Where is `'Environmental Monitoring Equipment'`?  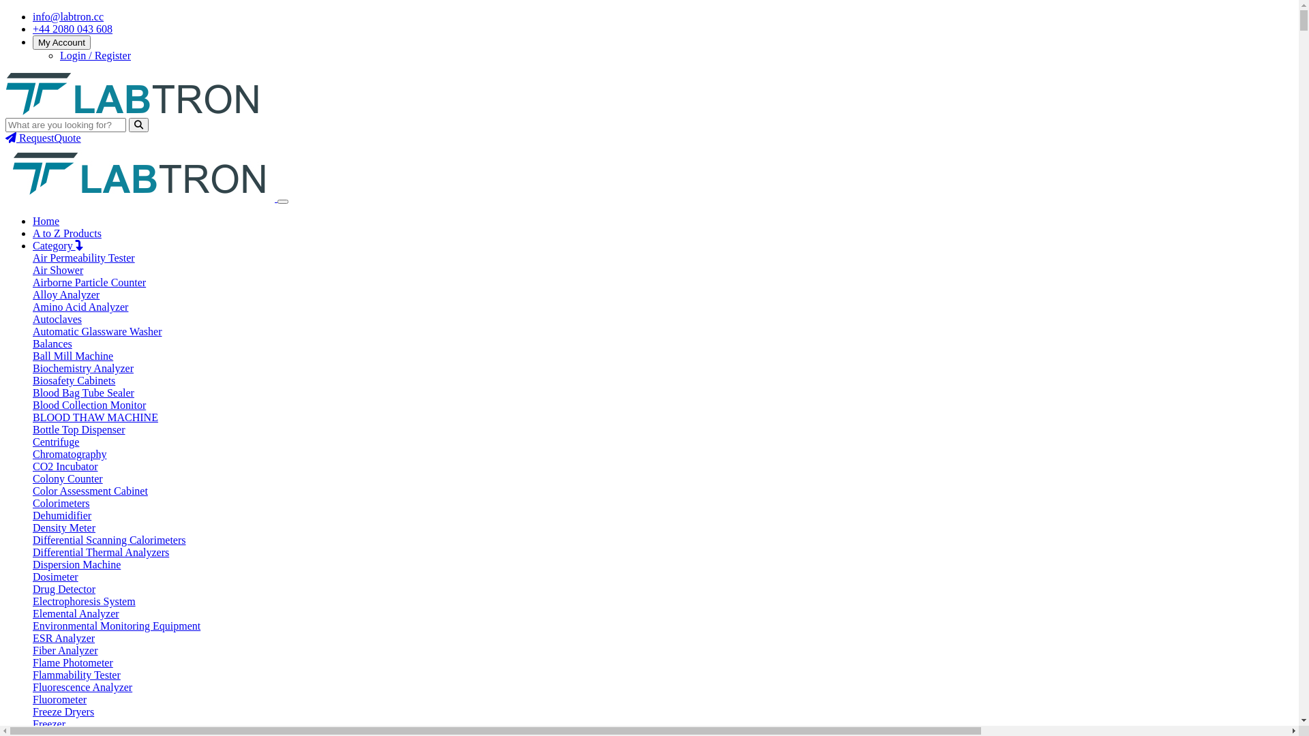
'Environmental Monitoring Equipment' is located at coordinates (117, 626).